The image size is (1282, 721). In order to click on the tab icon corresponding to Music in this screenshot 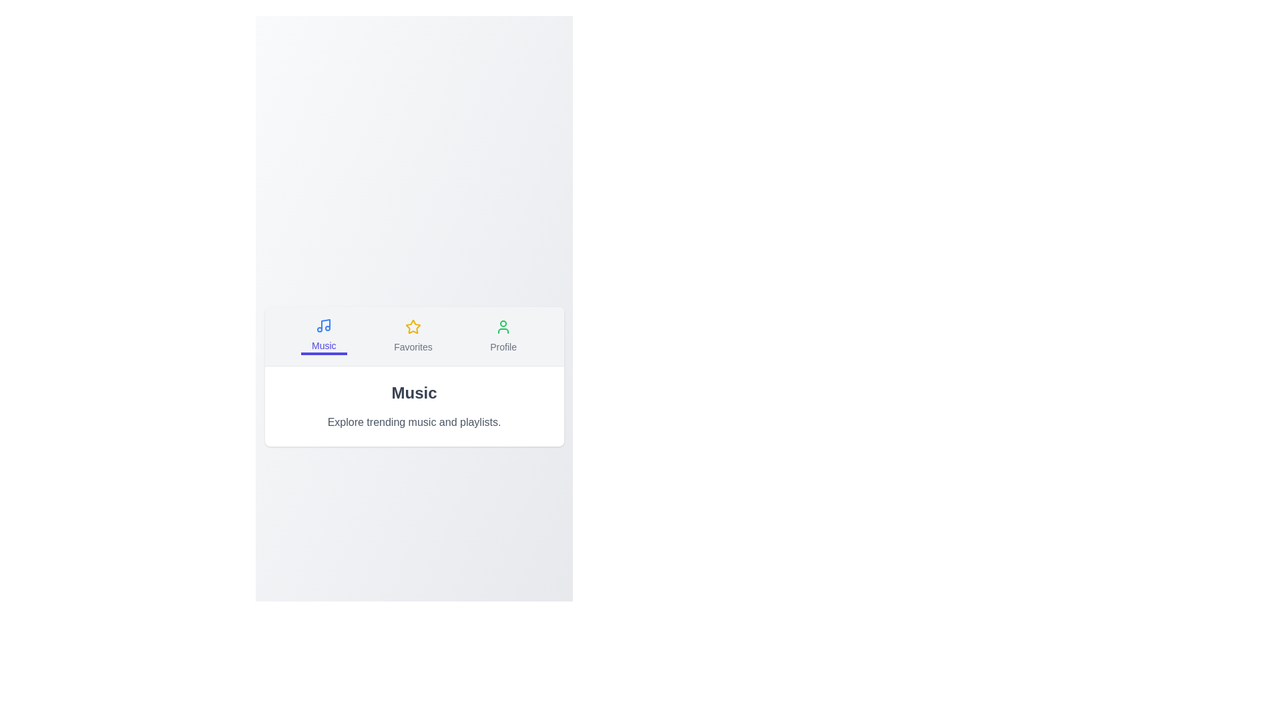, I will do `click(324, 335)`.